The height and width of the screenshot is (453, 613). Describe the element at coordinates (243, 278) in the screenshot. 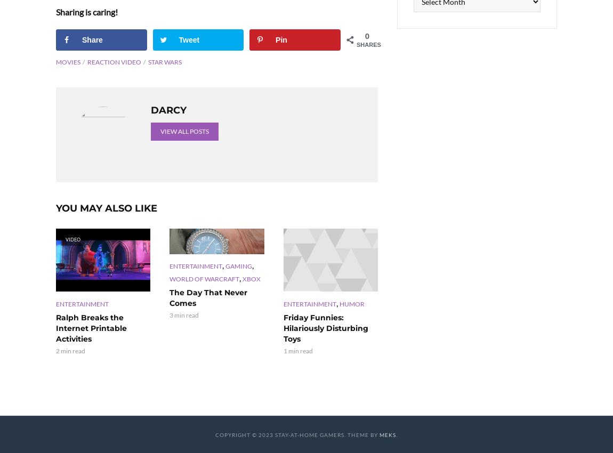

I see `'XBox'` at that location.